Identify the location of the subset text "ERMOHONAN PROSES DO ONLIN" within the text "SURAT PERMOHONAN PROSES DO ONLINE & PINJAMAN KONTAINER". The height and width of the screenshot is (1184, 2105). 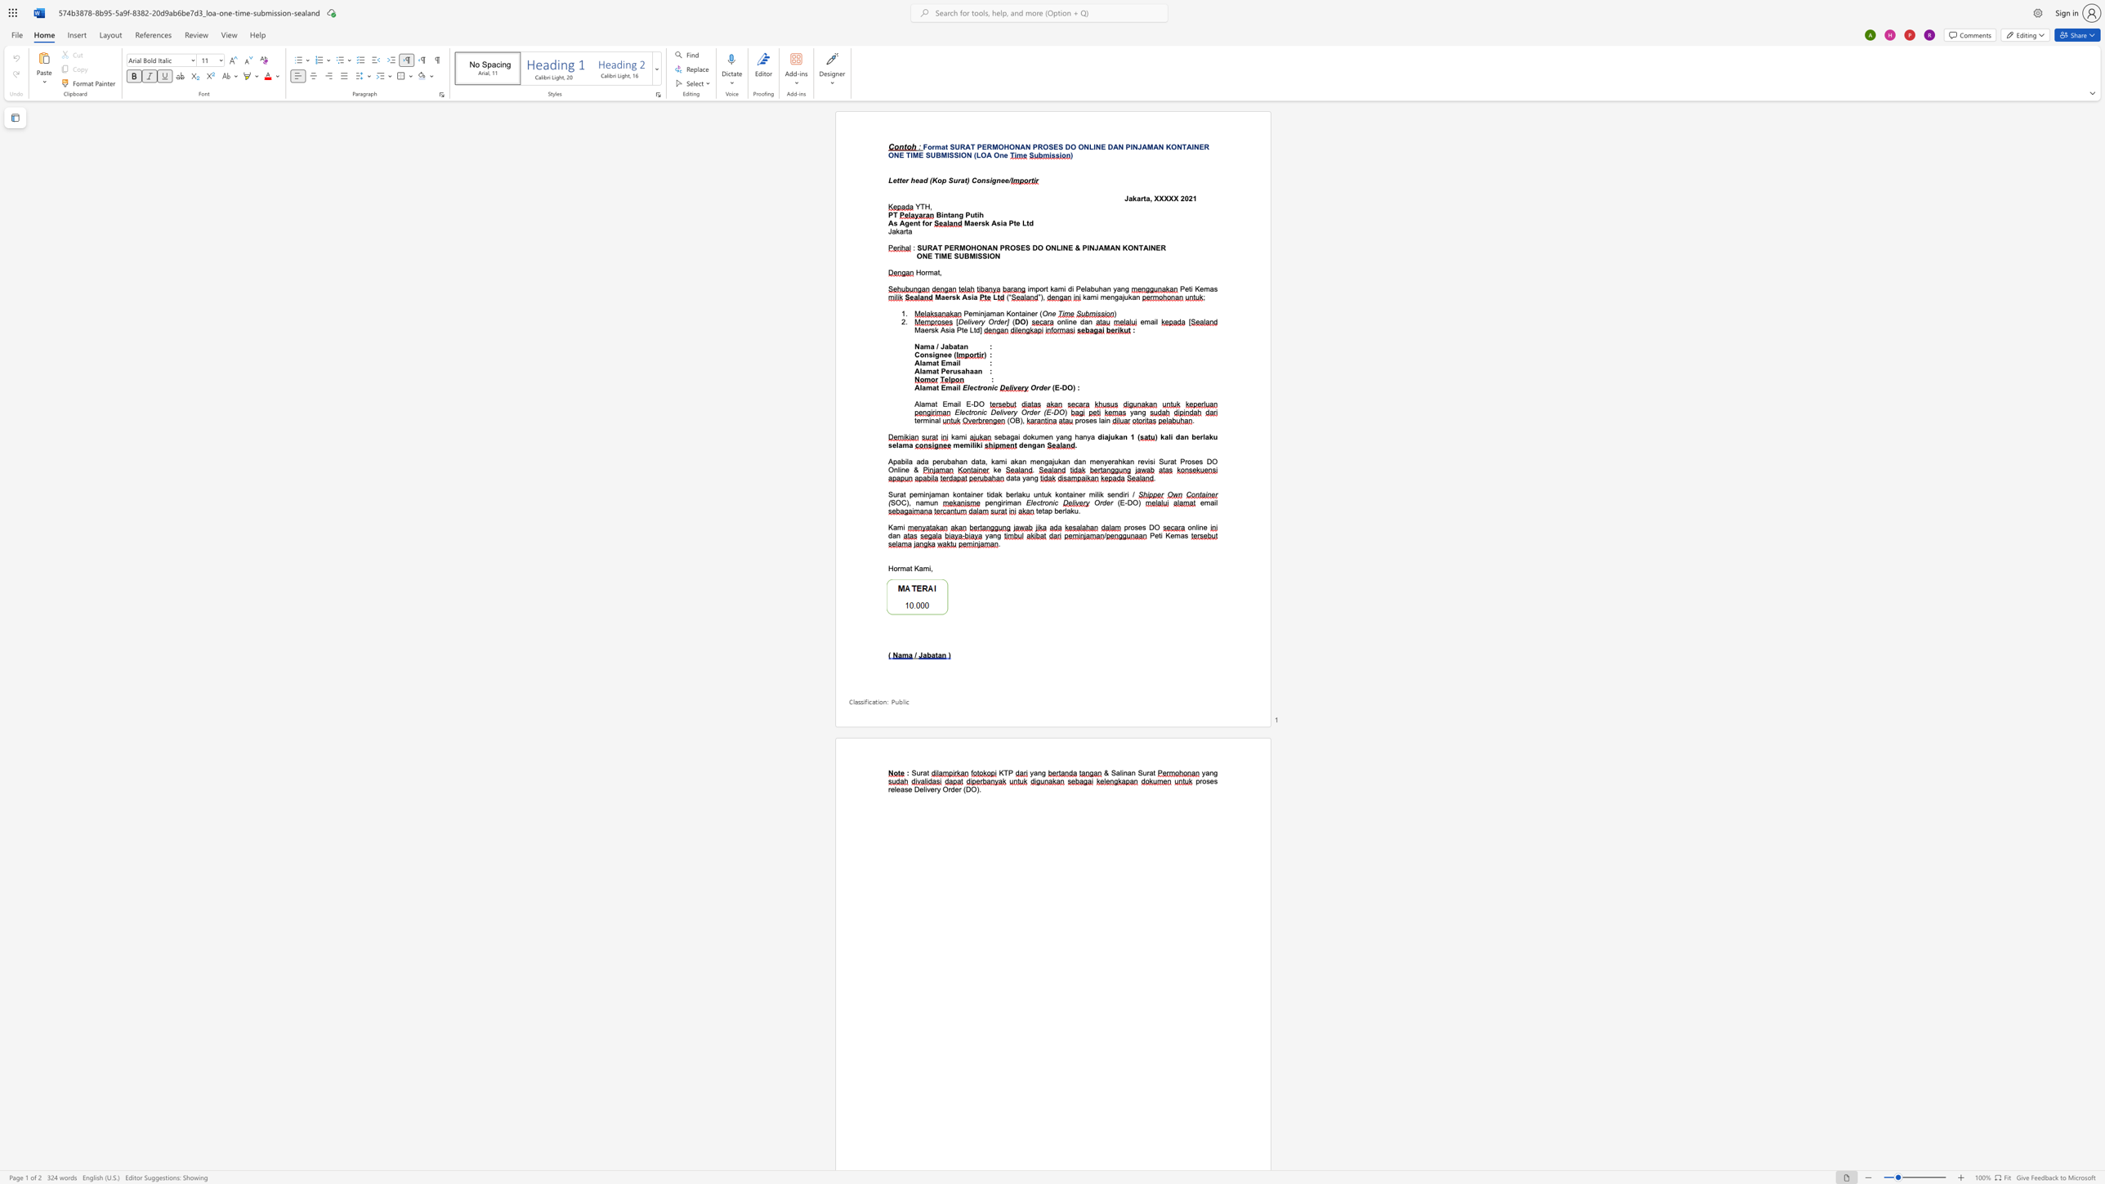
(948, 248).